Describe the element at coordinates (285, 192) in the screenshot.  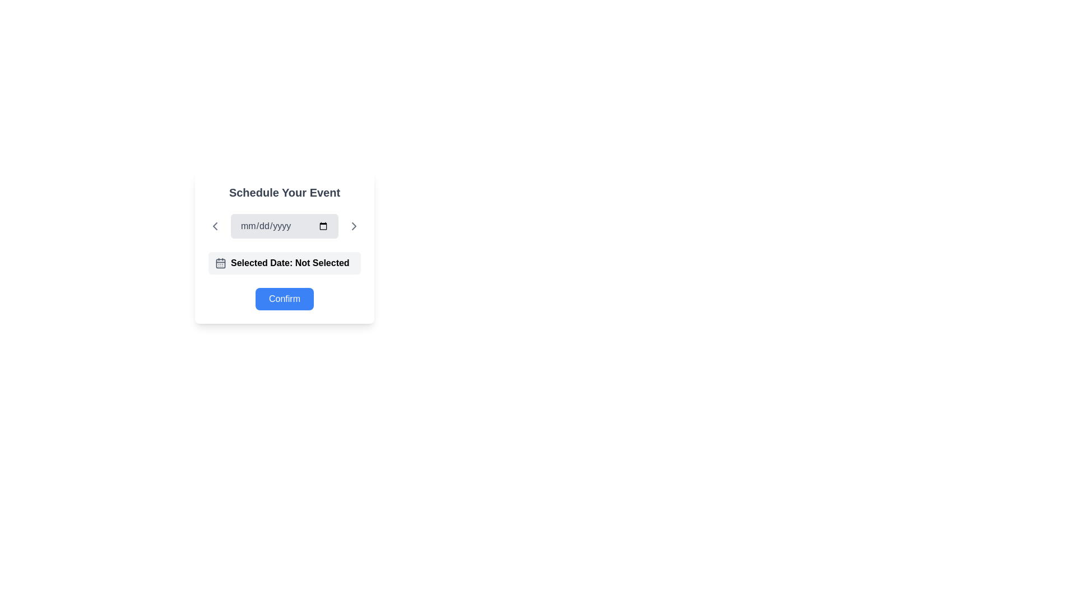
I see `the bold, extra-large gray text 'Schedule Your Event' at the top of the white rounded rectangular card` at that location.